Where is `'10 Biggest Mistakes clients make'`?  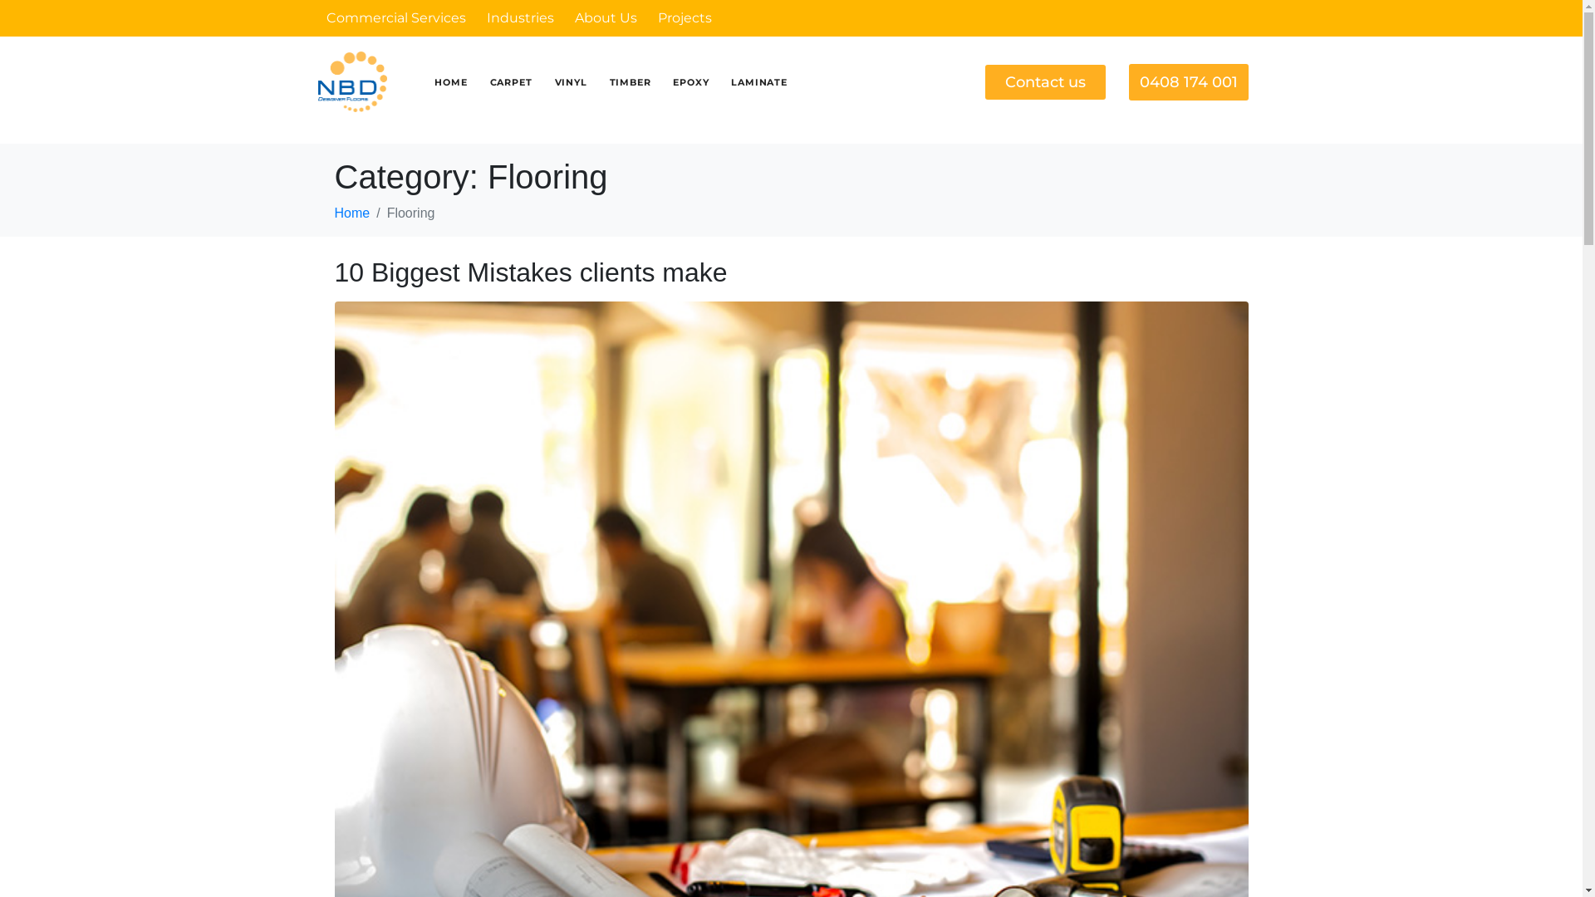 '10 Biggest Mistakes clients make' is located at coordinates (789, 707).